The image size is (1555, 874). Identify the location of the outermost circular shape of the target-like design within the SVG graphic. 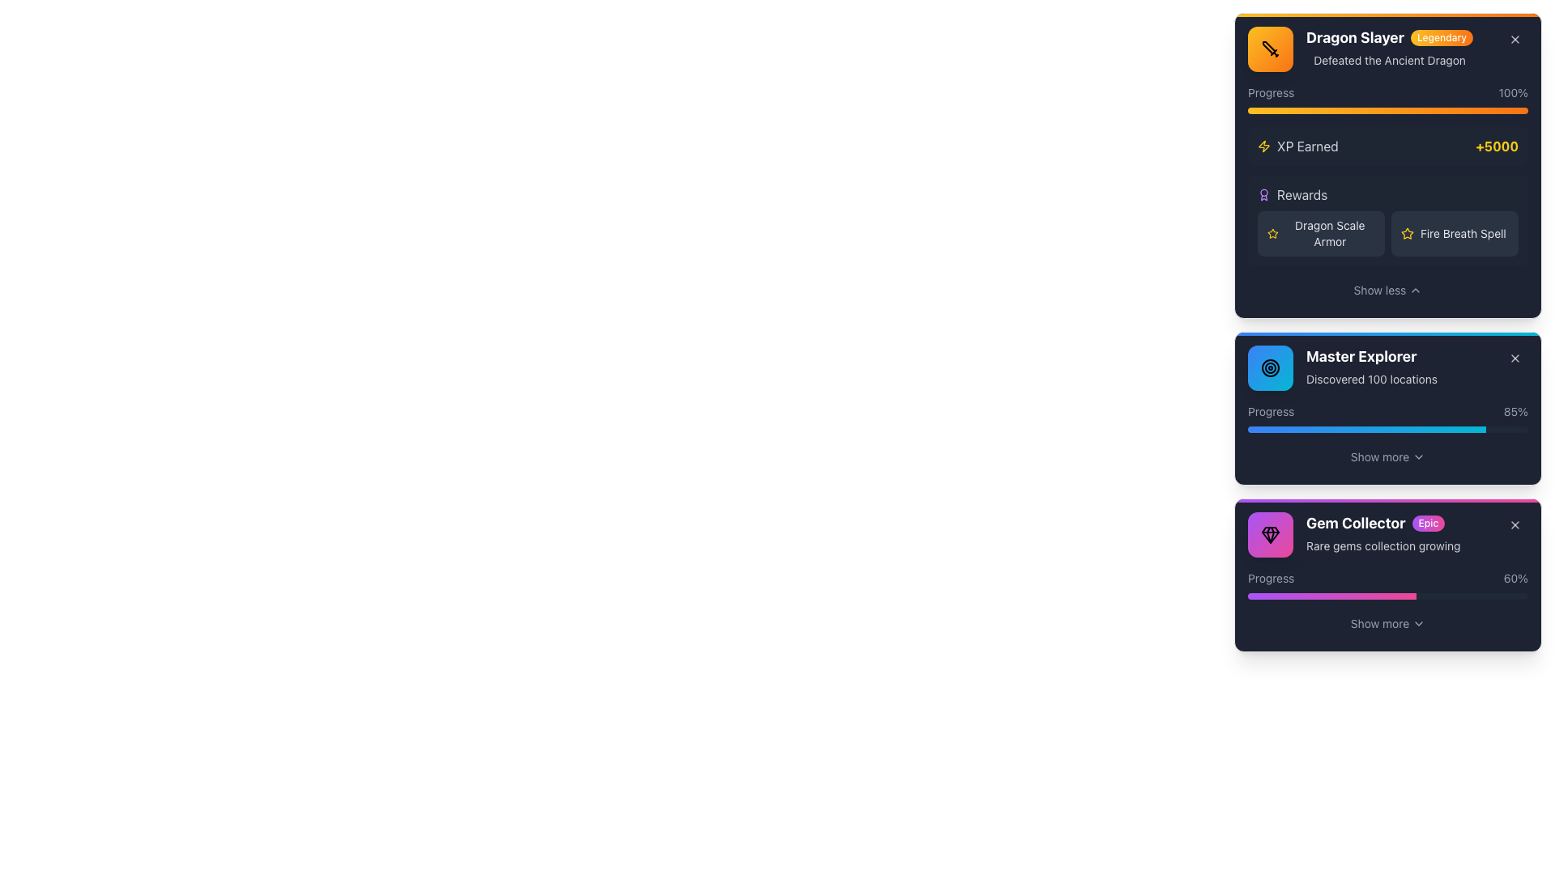
(1270, 368).